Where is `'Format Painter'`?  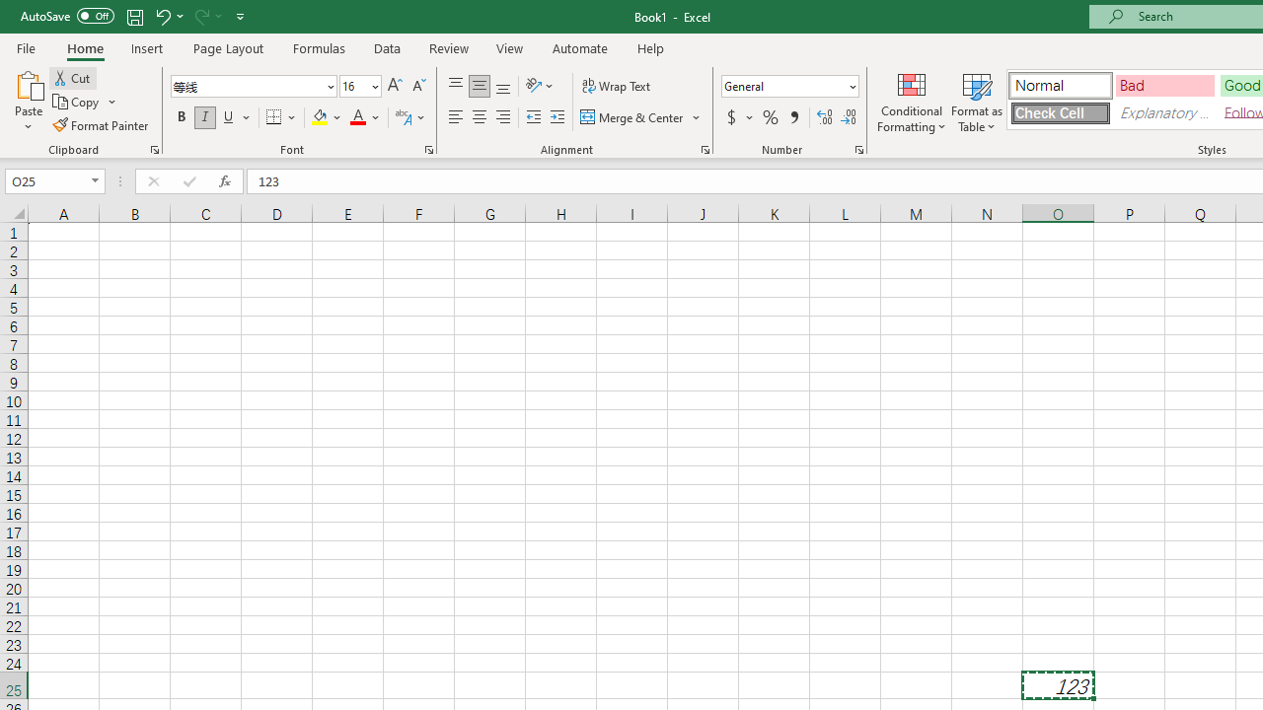
'Format Painter' is located at coordinates (101, 125).